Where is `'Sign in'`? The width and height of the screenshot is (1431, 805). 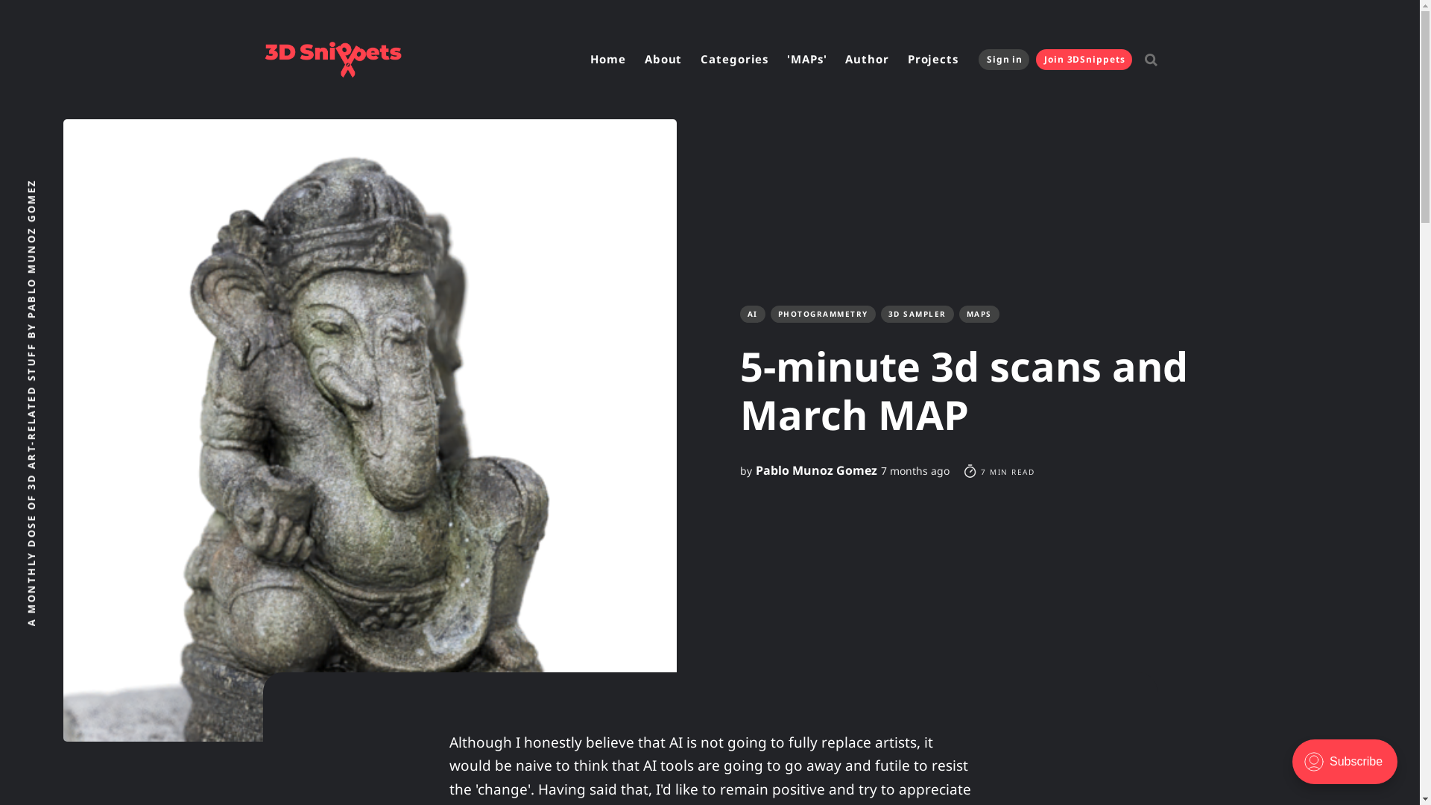
'Sign in' is located at coordinates (979, 59).